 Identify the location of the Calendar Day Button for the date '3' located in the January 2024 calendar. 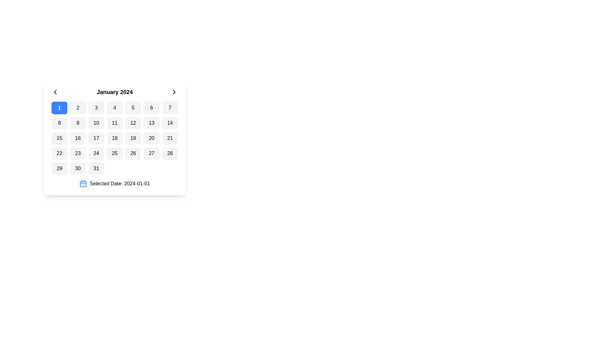
(96, 108).